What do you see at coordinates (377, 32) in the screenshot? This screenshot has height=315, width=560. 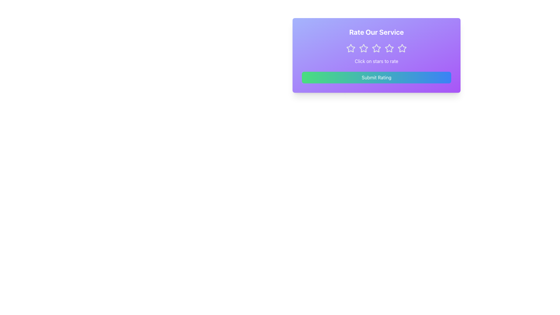 I see `text 'Rate Our Service' which is styled in bold and large font, located at the top of the gradient purple card interface` at bounding box center [377, 32].